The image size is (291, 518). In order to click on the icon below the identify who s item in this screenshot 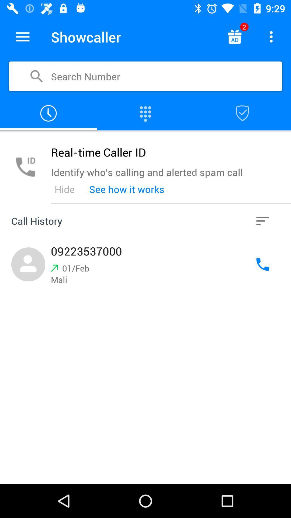, I will do `click(64, 189)`.